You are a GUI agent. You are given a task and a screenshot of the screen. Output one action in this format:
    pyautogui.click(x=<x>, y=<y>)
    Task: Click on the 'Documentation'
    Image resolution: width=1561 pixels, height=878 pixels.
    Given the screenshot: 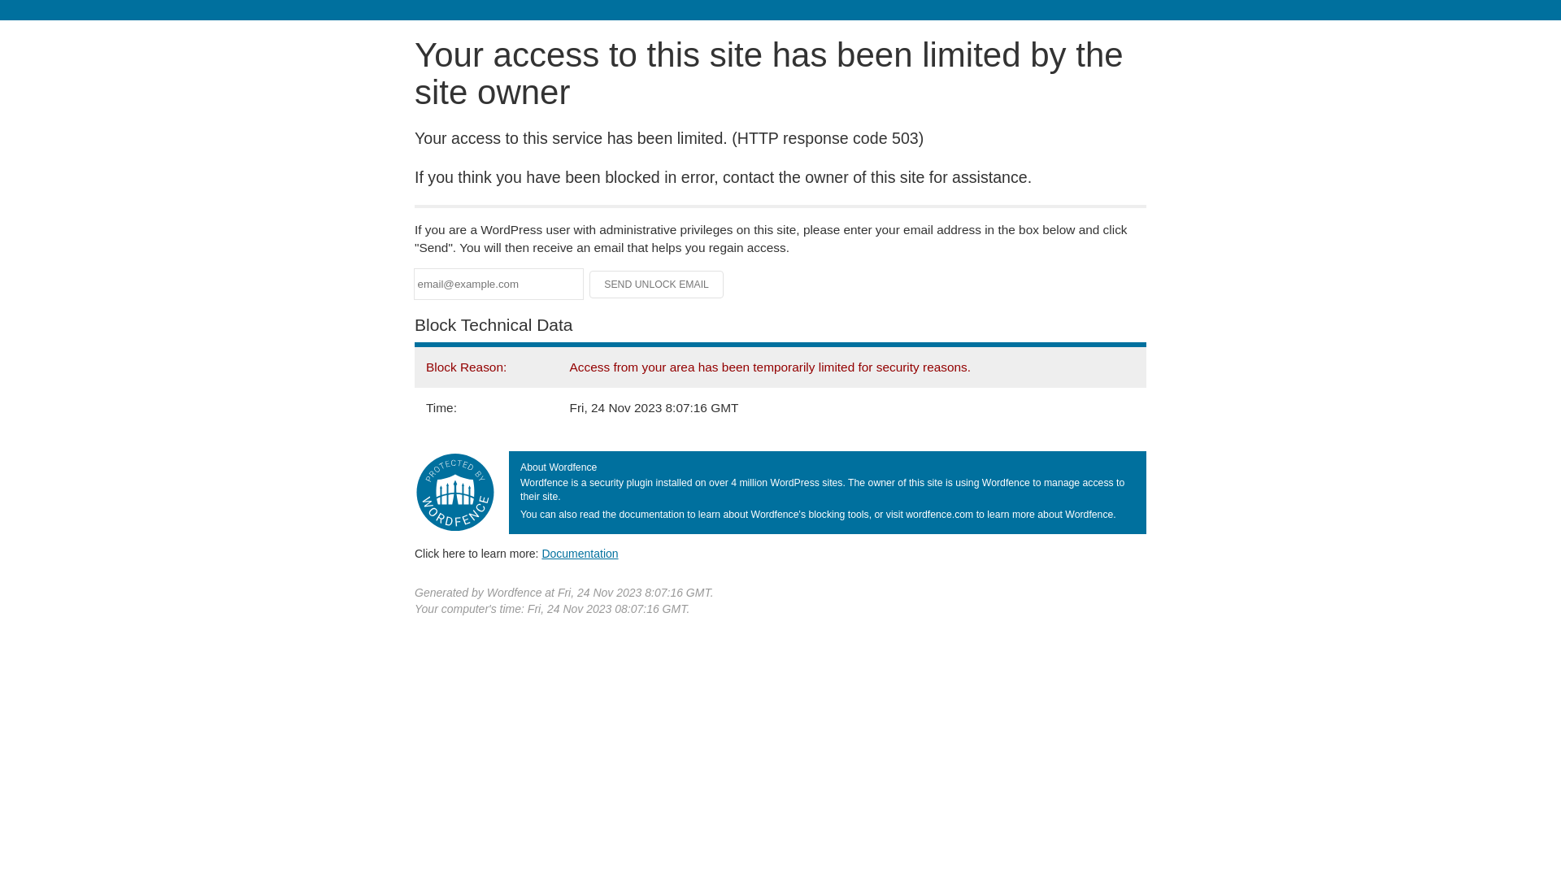 What is the action you would take?
    pyautogui.click(x=580, y=553)
    